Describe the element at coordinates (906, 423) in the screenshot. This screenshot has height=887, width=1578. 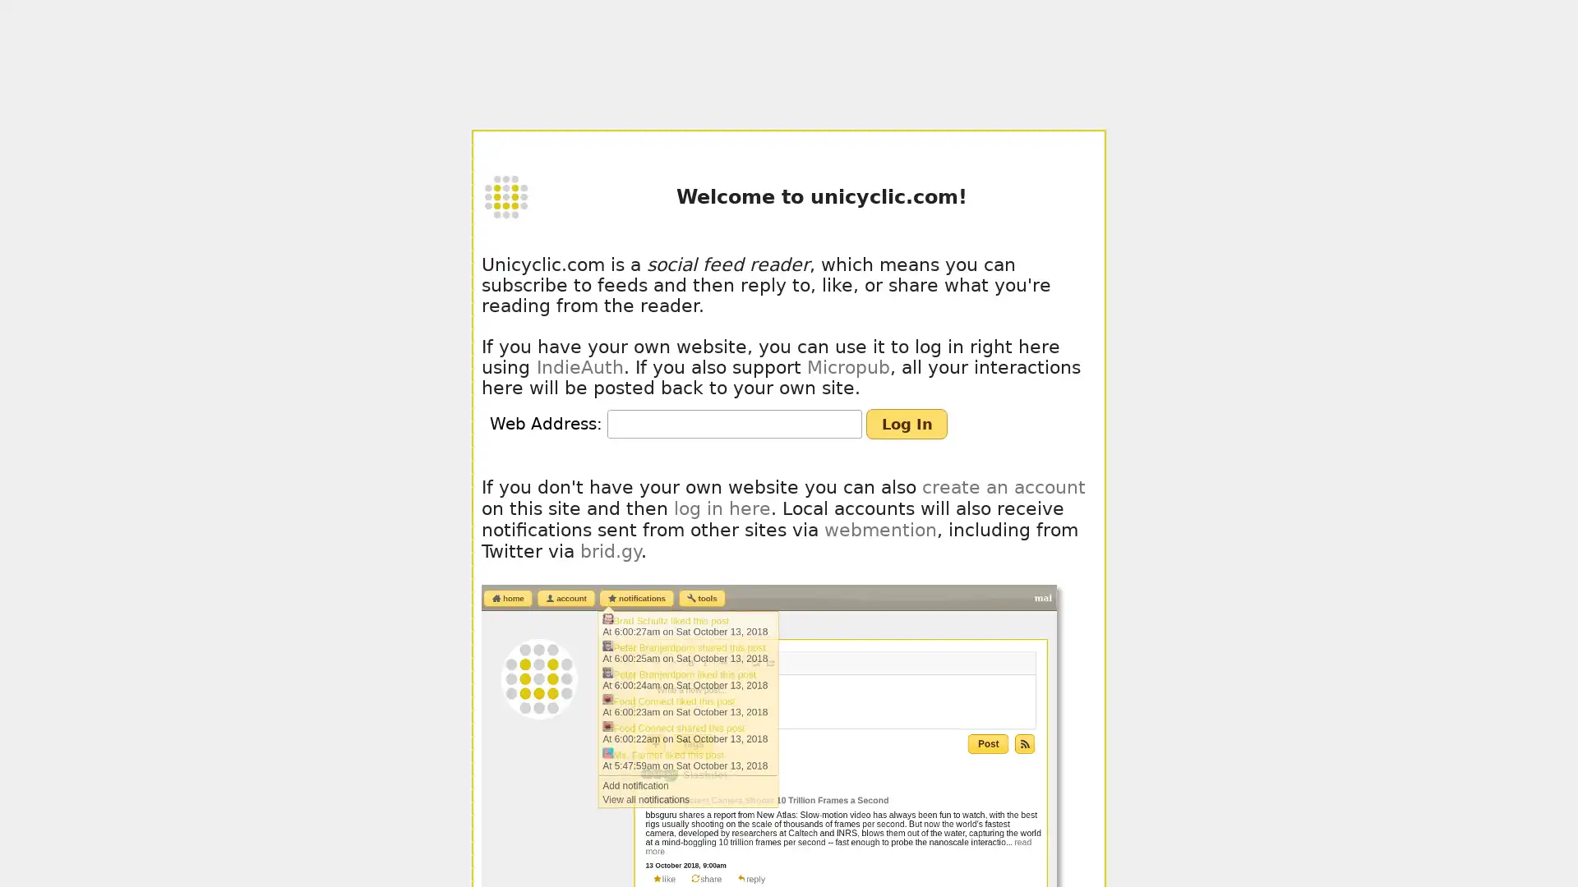
I see `Log In` at that location.